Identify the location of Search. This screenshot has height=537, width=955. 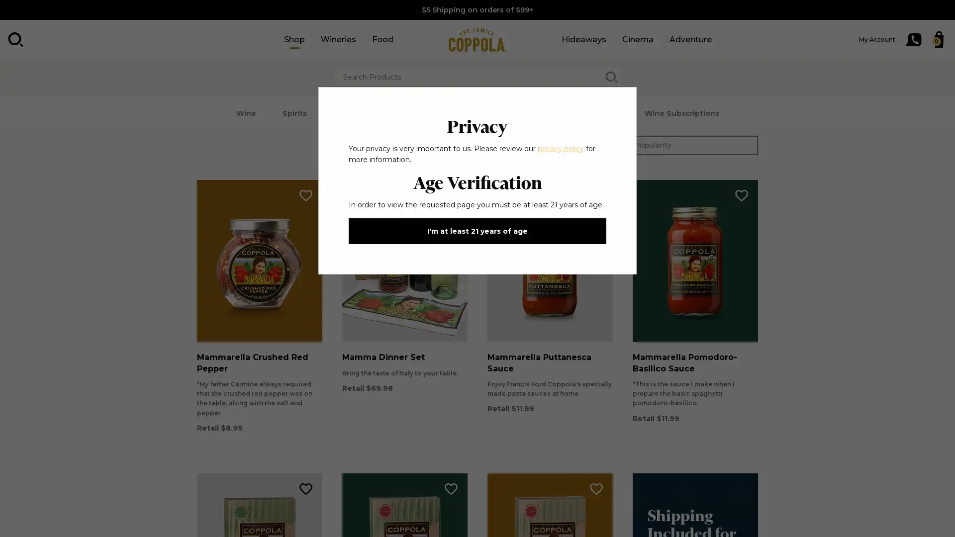
(16, 39).